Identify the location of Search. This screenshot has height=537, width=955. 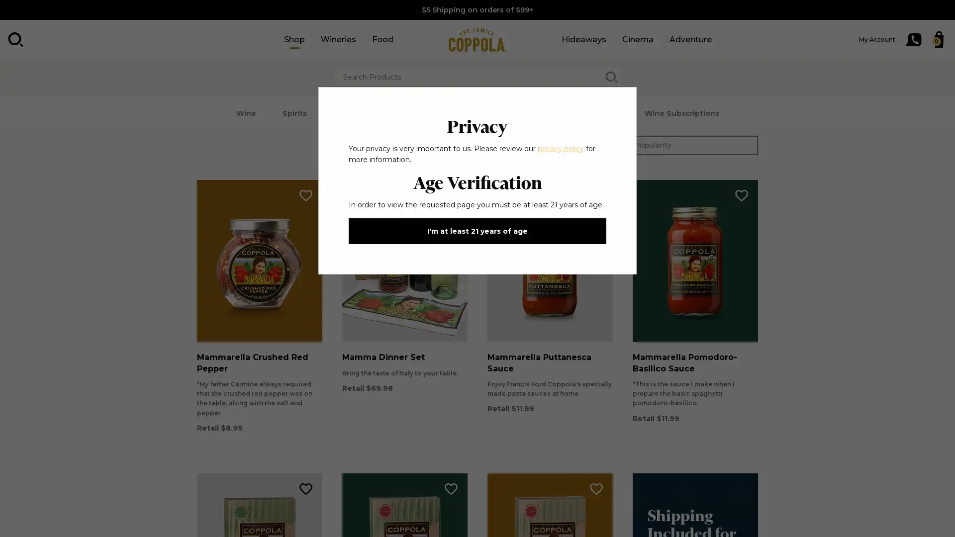
(16, 39).